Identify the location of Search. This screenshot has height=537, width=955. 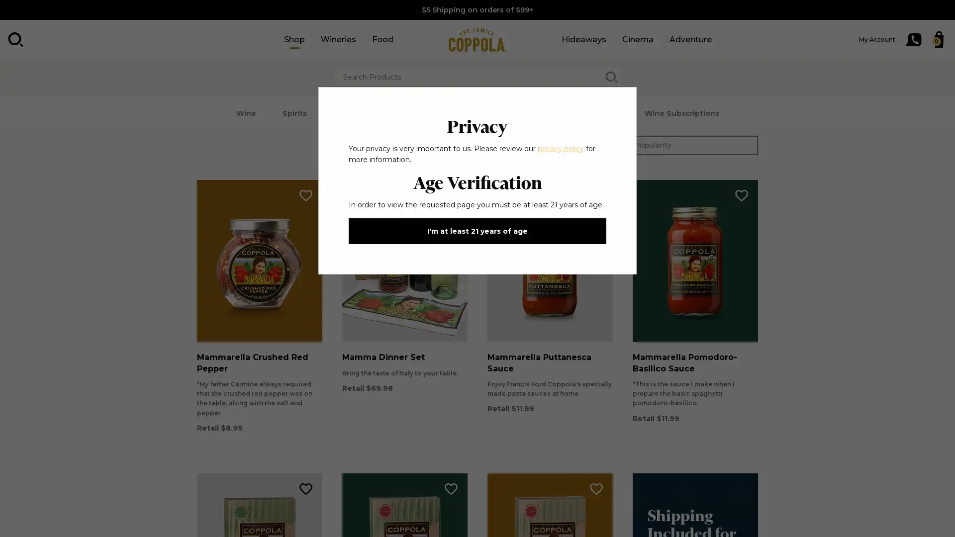
(16, 39).